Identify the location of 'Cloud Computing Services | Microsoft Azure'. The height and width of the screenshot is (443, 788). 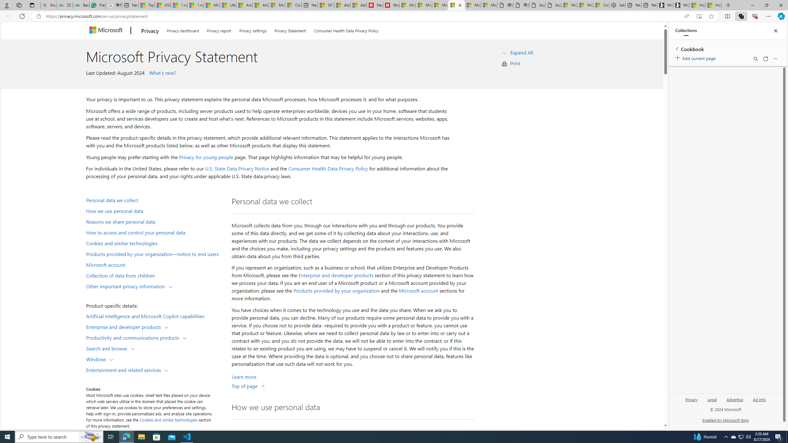
(293, 5).